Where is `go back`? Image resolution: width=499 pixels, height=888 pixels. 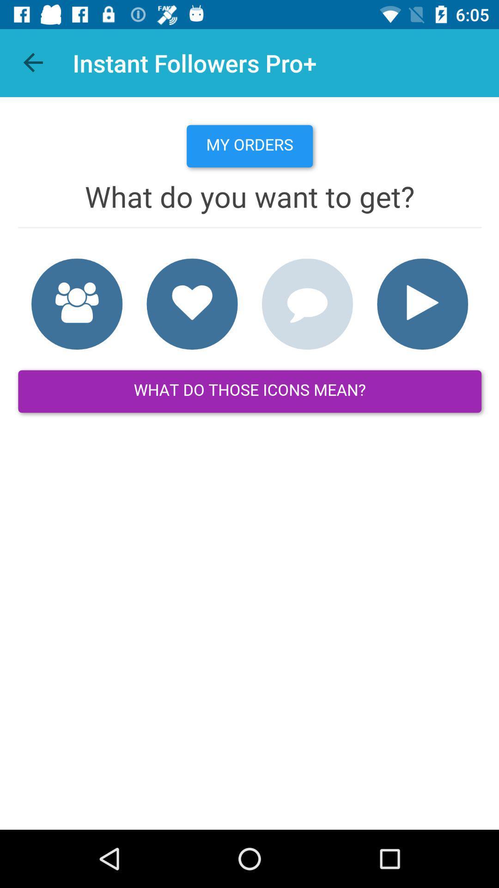 go back is located at coordinates (33, 62).